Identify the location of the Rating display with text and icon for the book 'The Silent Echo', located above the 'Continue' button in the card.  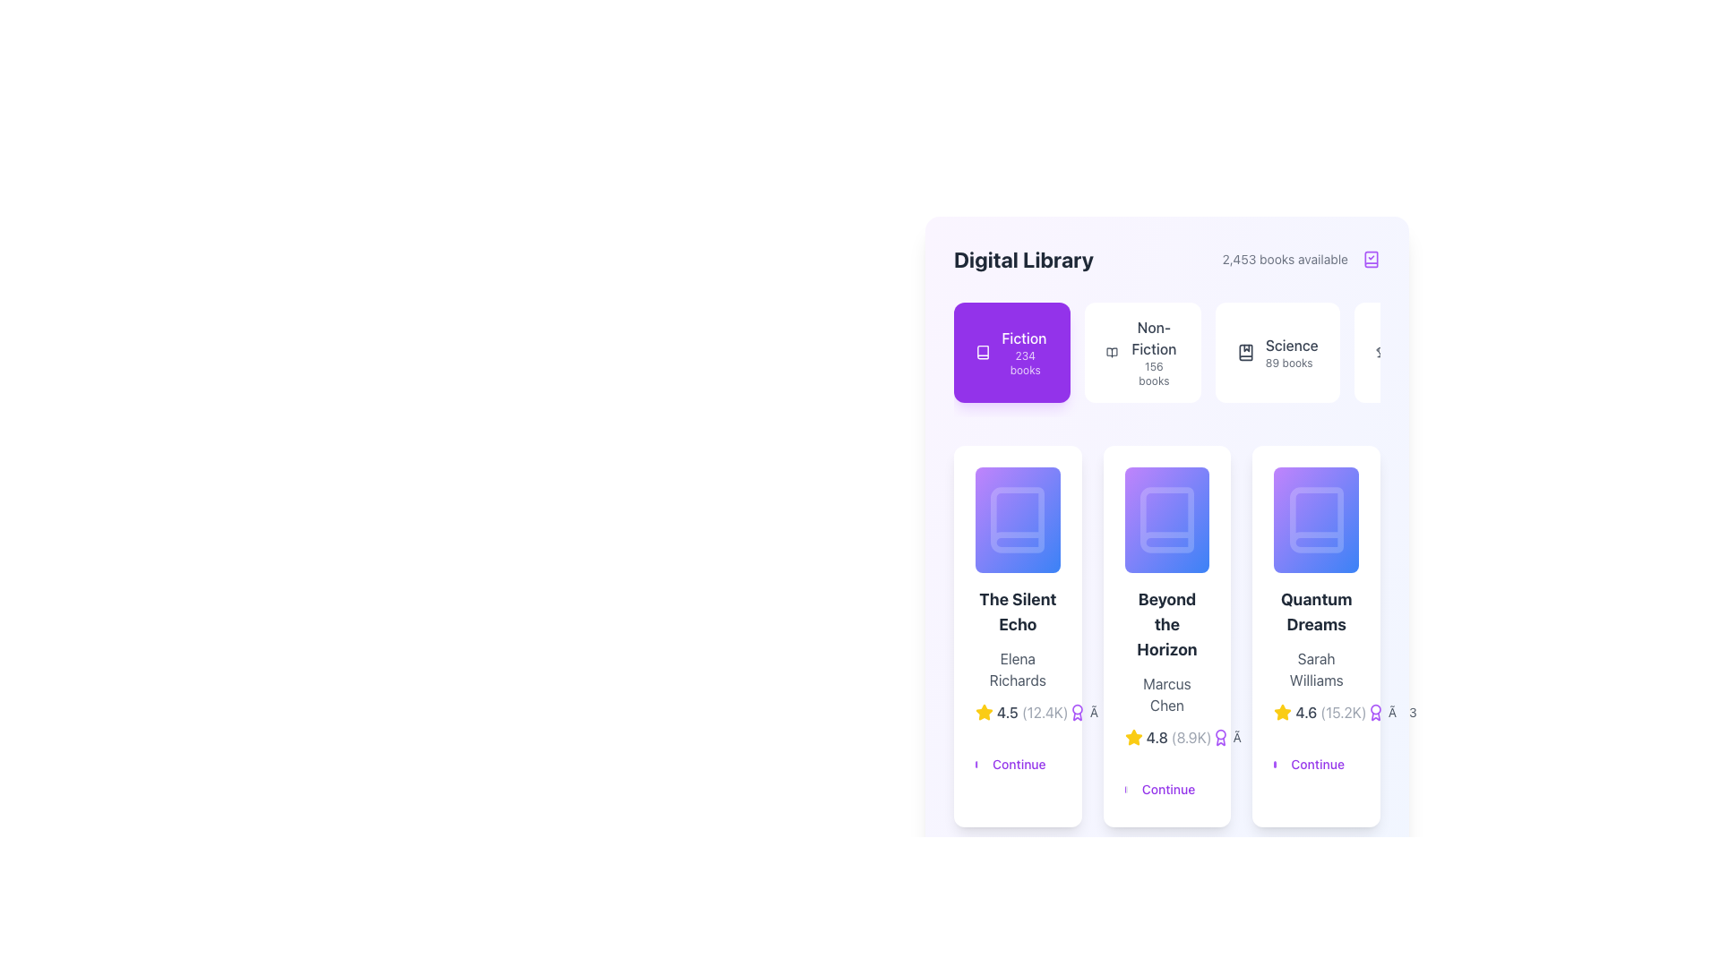
(1018, 712).